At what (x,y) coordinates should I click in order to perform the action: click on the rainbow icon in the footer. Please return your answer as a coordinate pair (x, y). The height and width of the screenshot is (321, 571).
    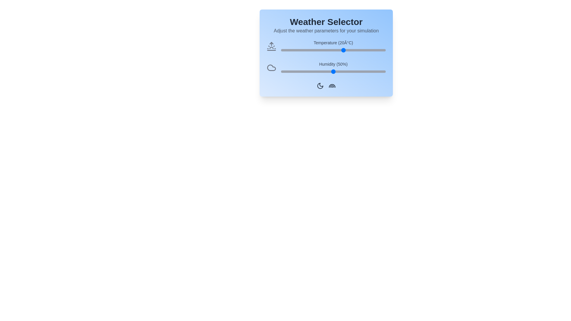
    Looking at the image, I should click on (332, 86).